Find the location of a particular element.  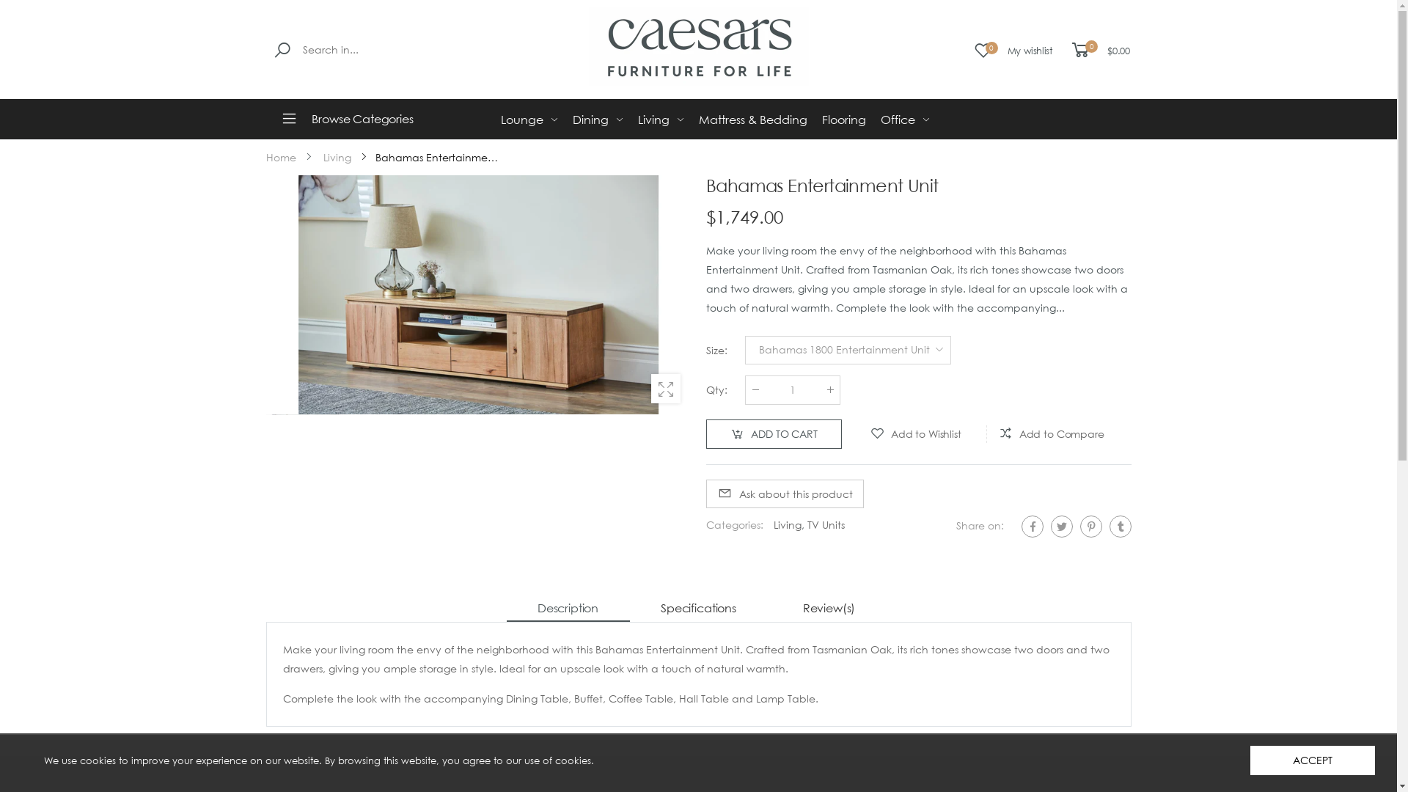

'Lounge' is located at coordinates (528, 118).